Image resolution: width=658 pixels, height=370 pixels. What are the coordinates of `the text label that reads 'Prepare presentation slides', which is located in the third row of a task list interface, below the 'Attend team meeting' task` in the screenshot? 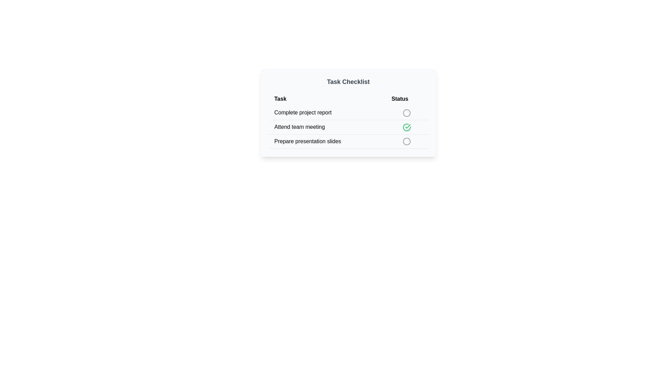 It's located at (327, 141).